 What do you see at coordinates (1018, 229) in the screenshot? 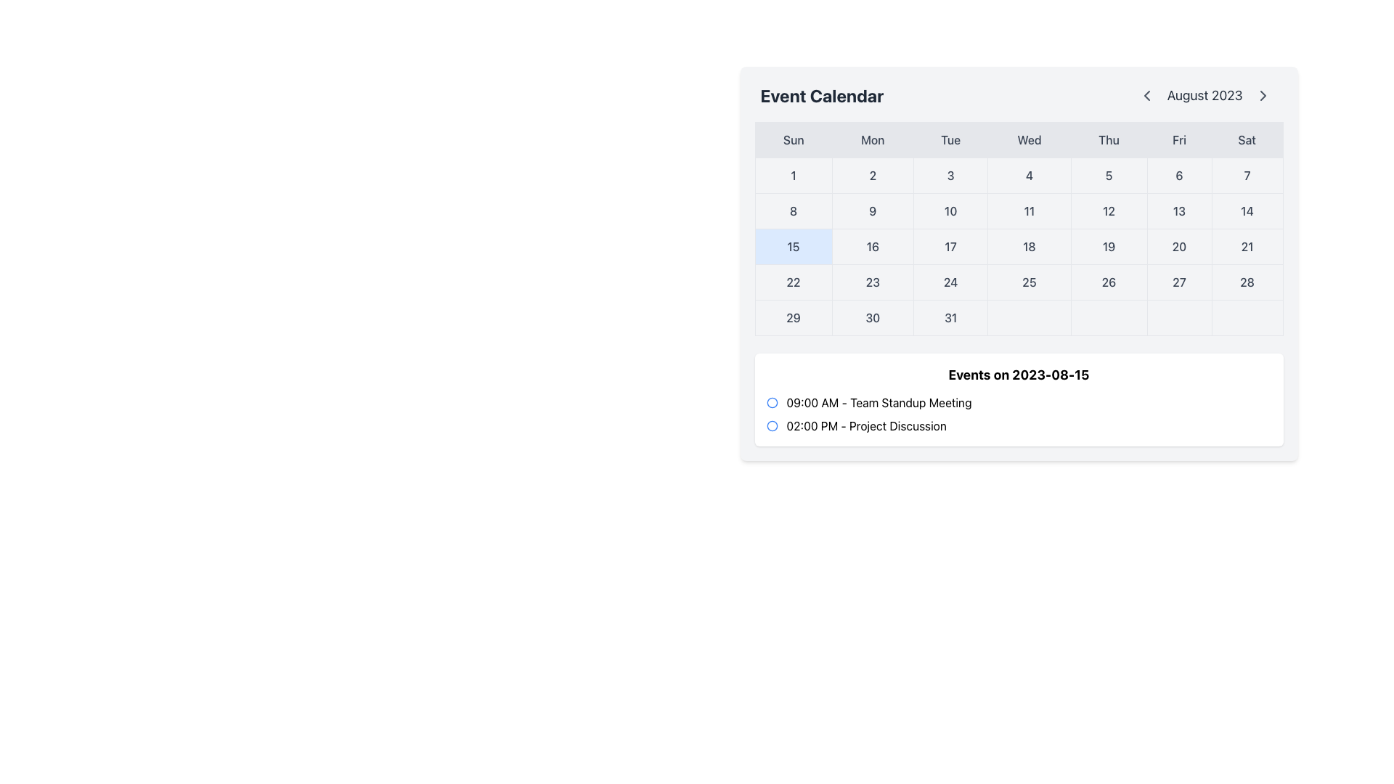
I see `a different date within the Calendar Grid located in the 'Event Calendar' panel, positioned beneath the month navigation controls and above the event details section` at bounding box center [1018, 229].